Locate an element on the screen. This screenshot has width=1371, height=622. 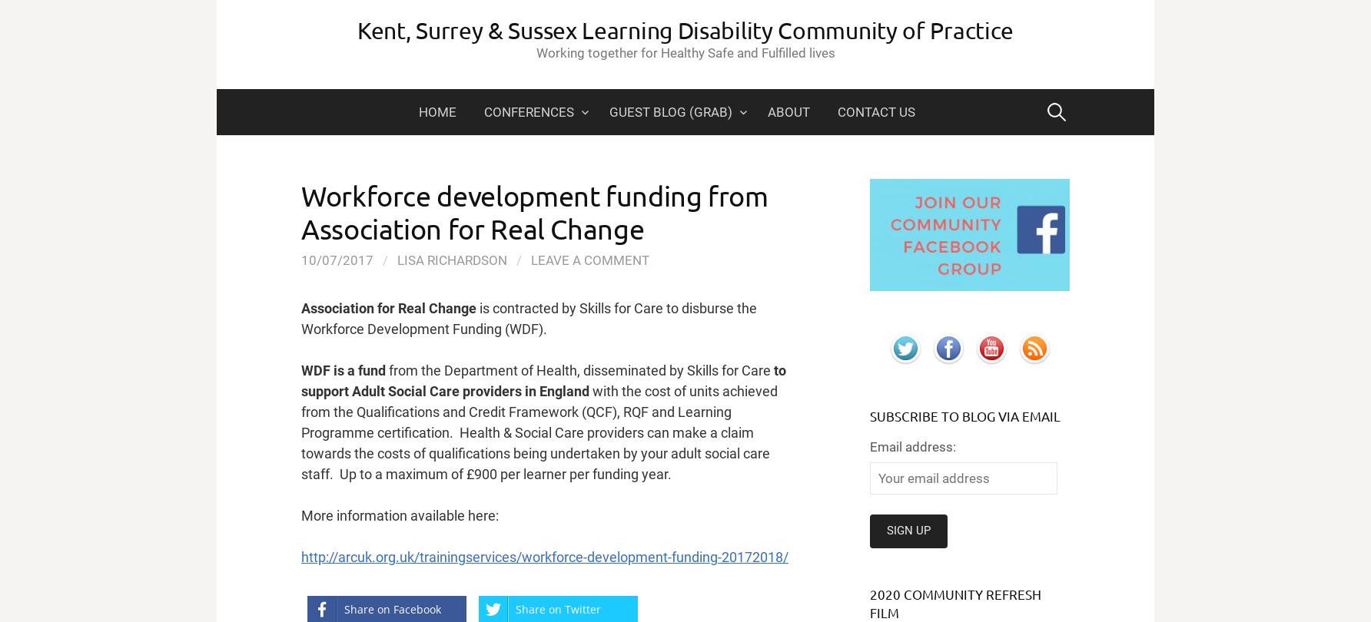
'is contracted by Skills for Care to disburse the Workforce Development Funding (WDF).' is located at coordinates (529, 318).